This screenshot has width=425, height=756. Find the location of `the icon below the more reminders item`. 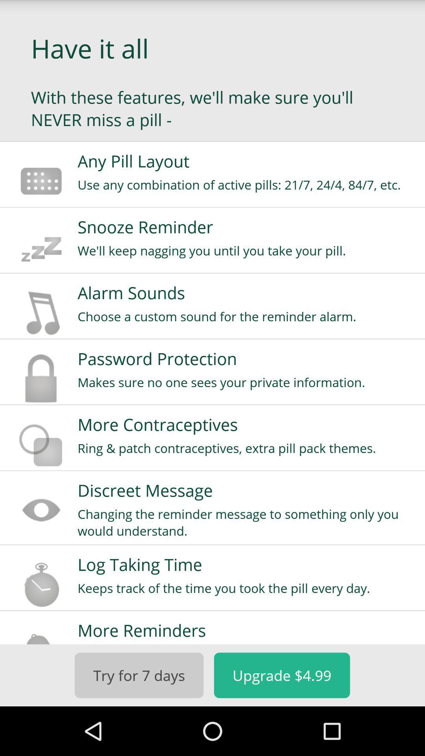

the icon below the more reminders item is located at coordinates (281, 675).